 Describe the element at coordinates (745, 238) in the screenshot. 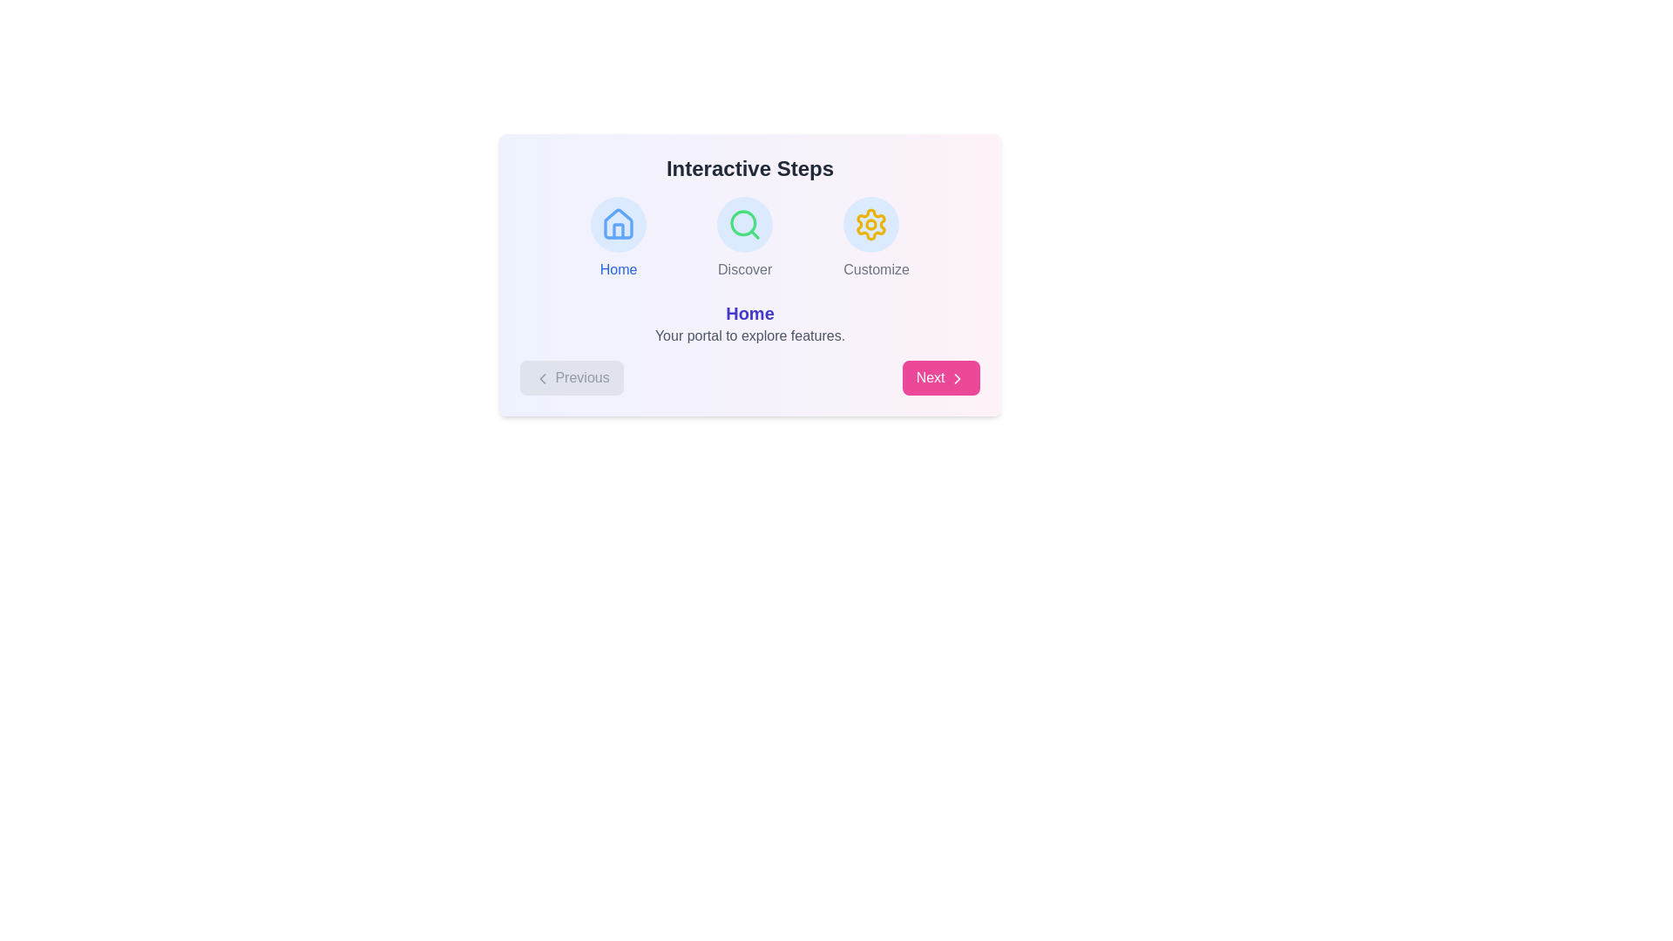

I see `label of the 'Discover' informative icon, which is positioned in the second spot of the three-option group, to understand its purpose` at that location.